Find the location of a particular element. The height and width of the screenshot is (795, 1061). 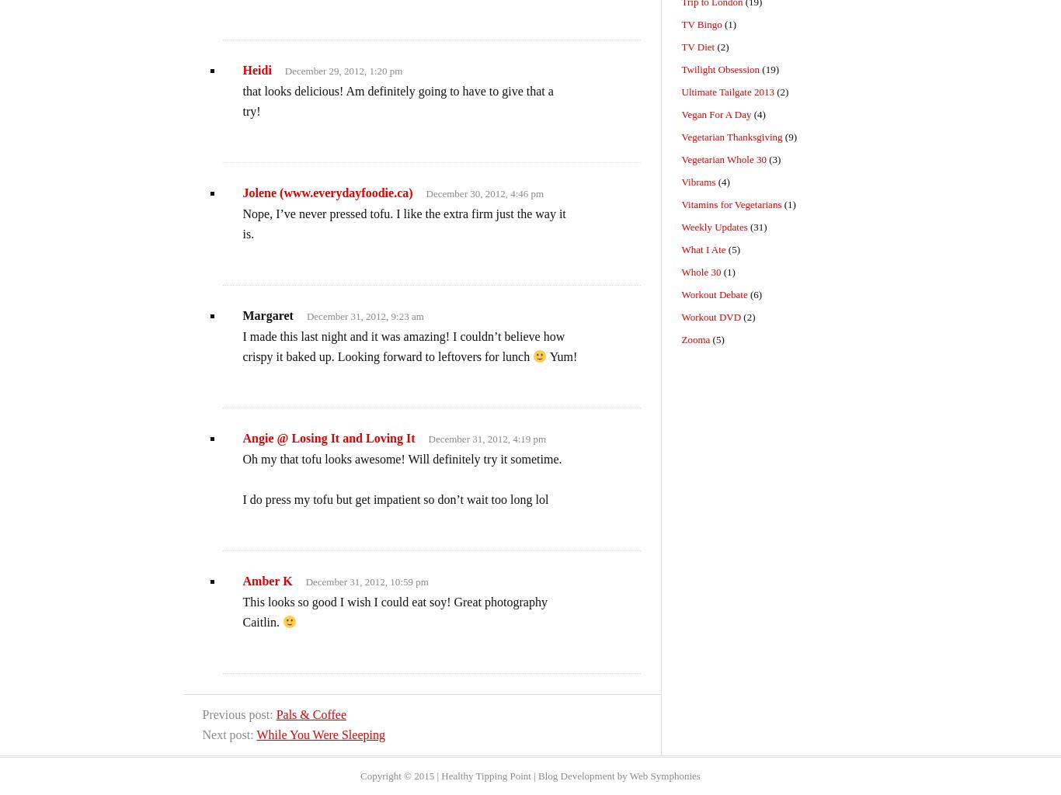

'December 31, 2012, 9:23 am' is located at coordinates (364, 315).